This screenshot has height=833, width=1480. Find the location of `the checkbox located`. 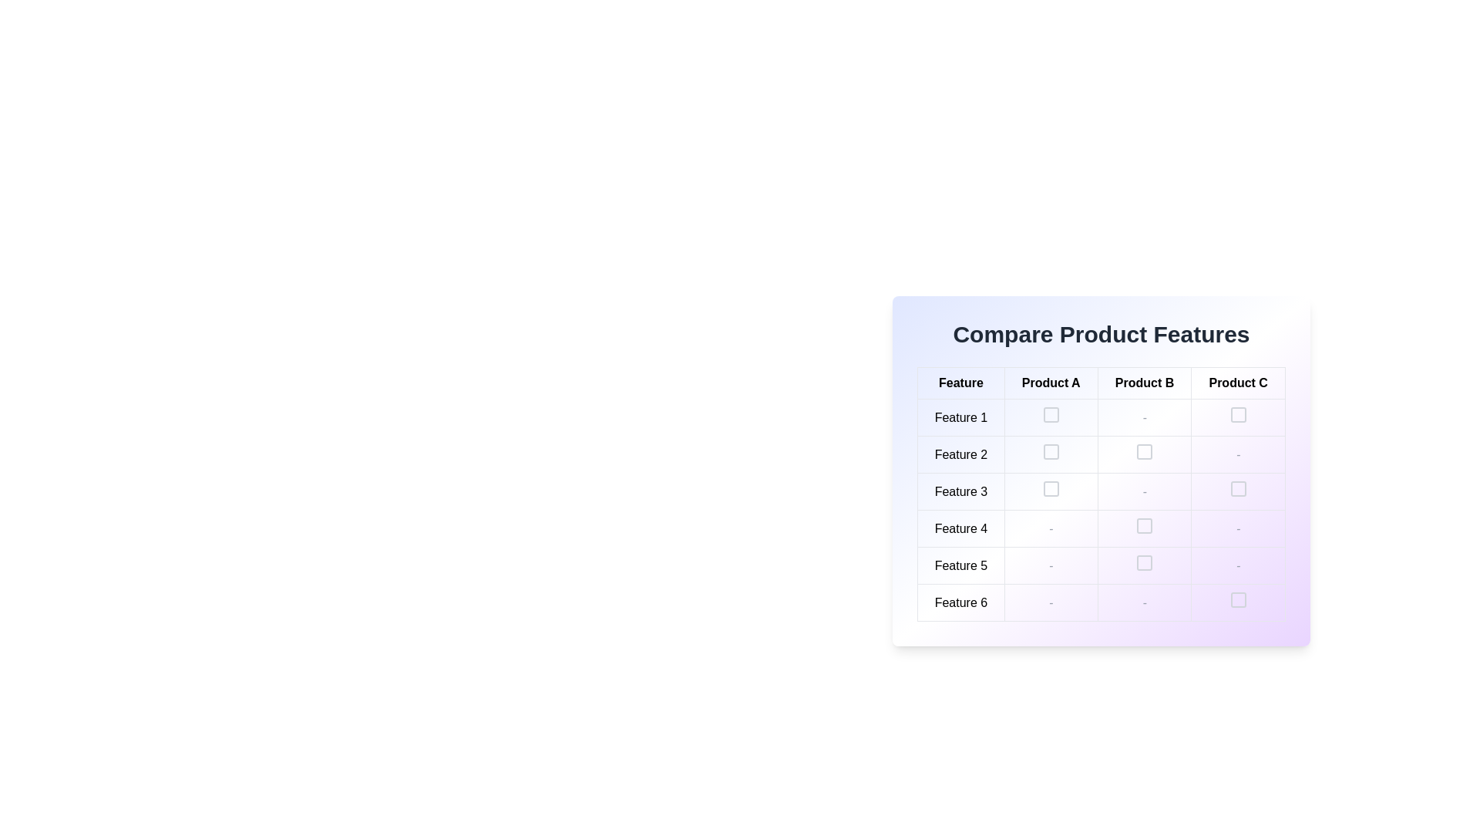

the checkbox located is located at coordinates (1238, 599).